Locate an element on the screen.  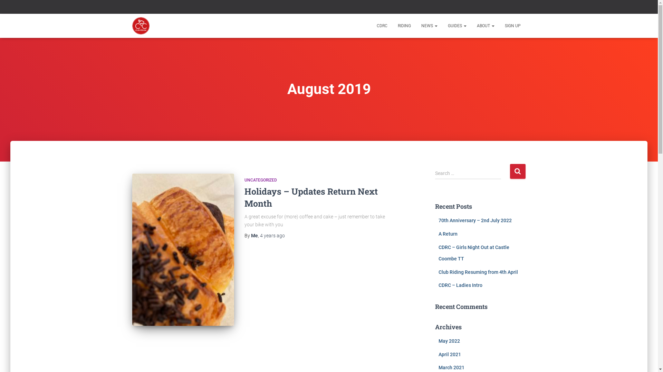
'SIGN UP' is located at coordinates (512, 25).